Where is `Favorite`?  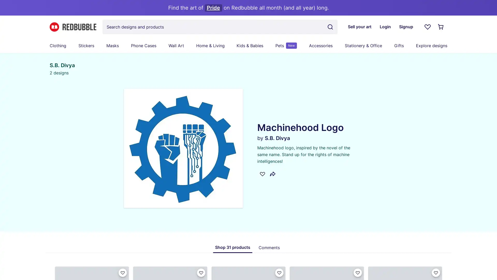 Favorite is located at coordinates (279, 272).